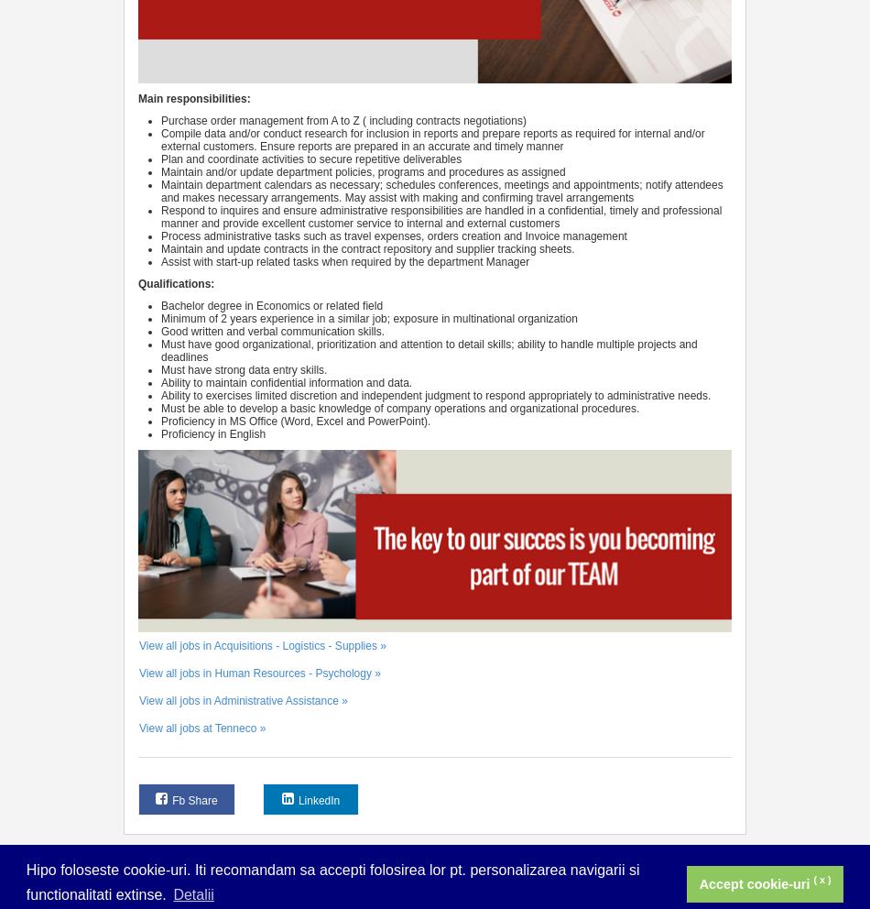  What do you see at coordinates (343, 260) in the screenshot?
I see `'Assist with start-up related tasks when required by the department Manager'` at bounding box center [343, 260].